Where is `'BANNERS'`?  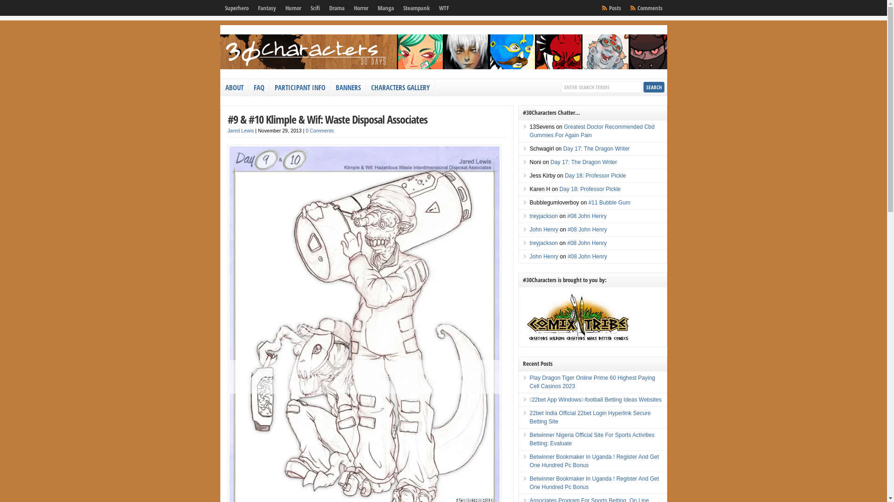 'BANNERS' is located at coordinates (347, 87).